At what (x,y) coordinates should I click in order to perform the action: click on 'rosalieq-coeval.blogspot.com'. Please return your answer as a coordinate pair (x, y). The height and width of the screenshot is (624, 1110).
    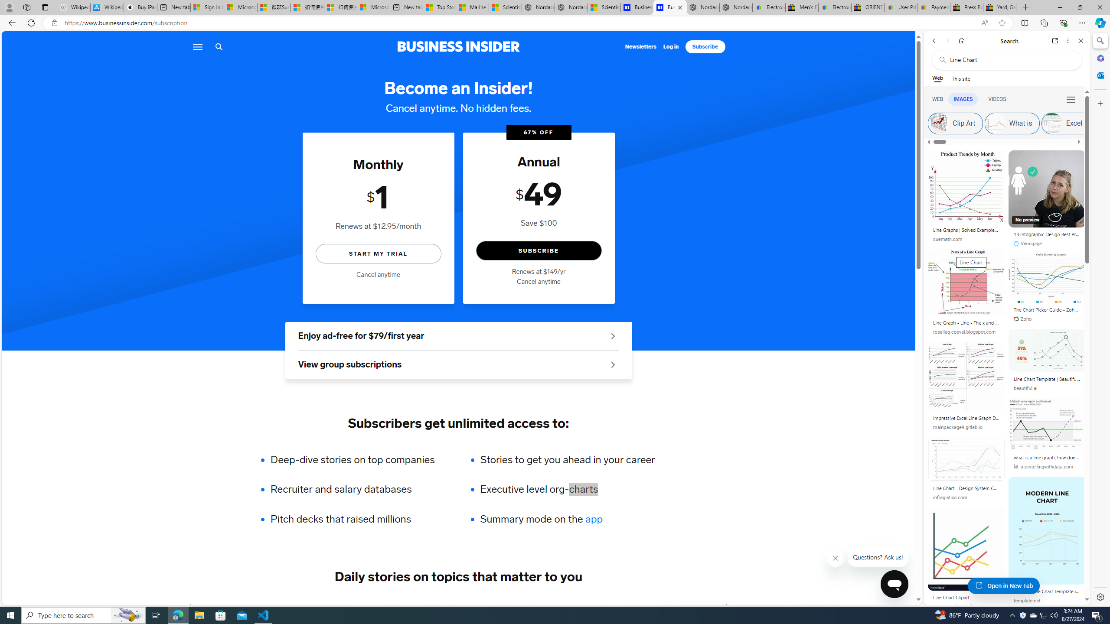
    Looking at the image, I should click on (964, 331).